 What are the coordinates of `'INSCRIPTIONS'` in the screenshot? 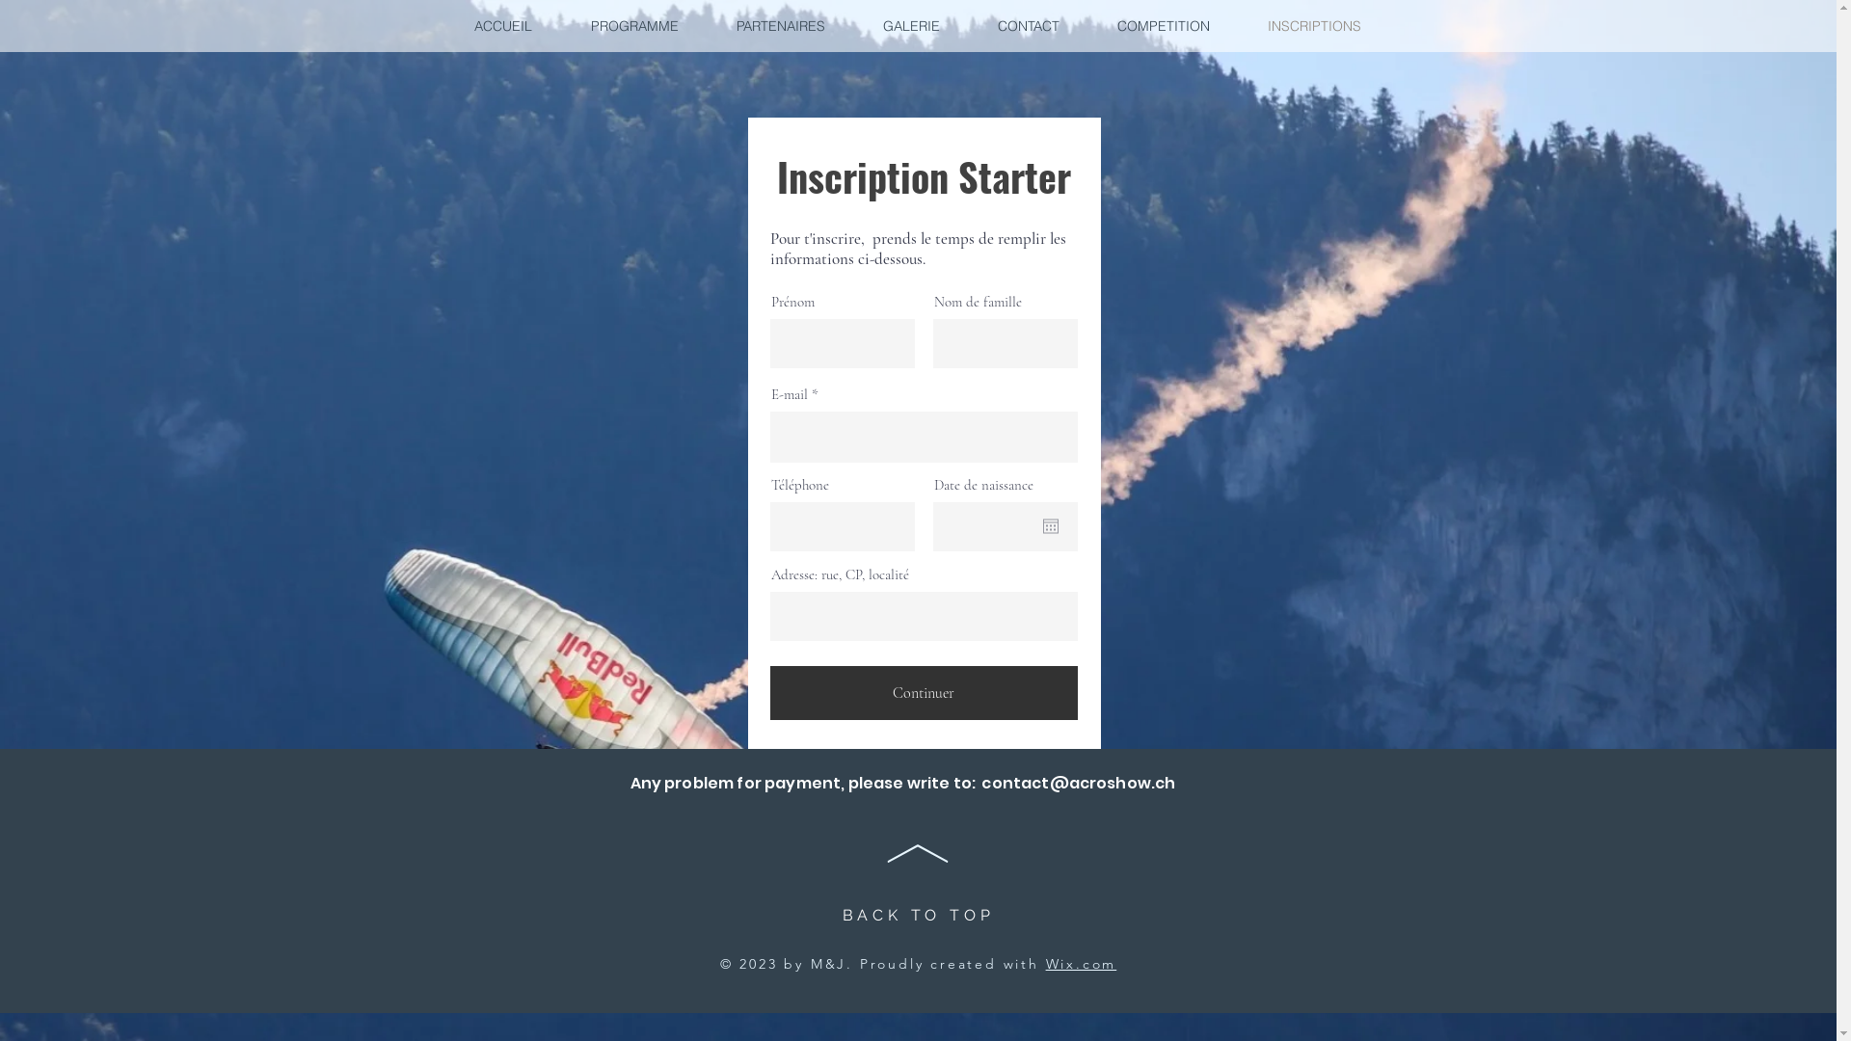 It's located at (1312, 26).